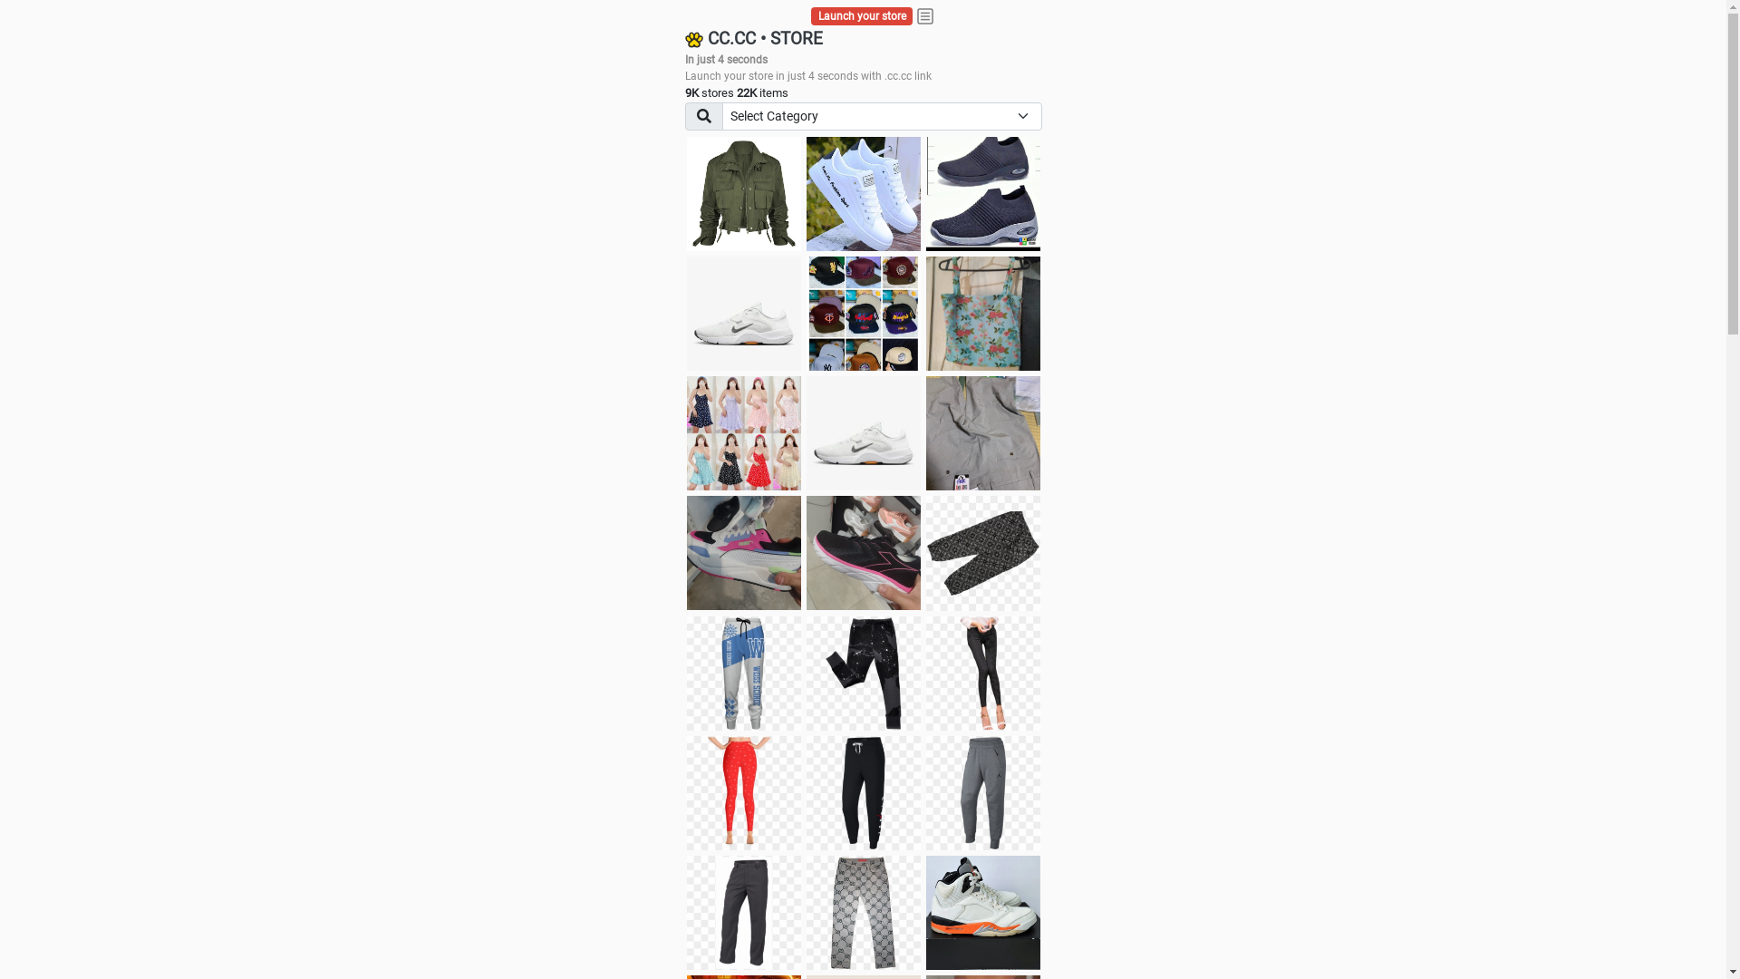 The width and height of the screenshot is (1740, 979). What do you see at coordinates (981, 551) in the screenshot?
I see `'Short pant'` at bounding box center [981, 551].